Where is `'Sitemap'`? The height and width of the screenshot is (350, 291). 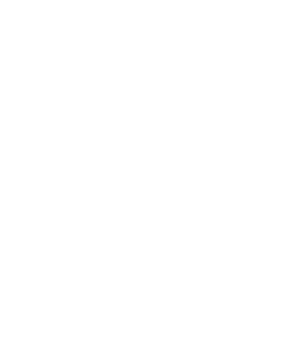
'Sitemap' is located at coordinates (120, 333).